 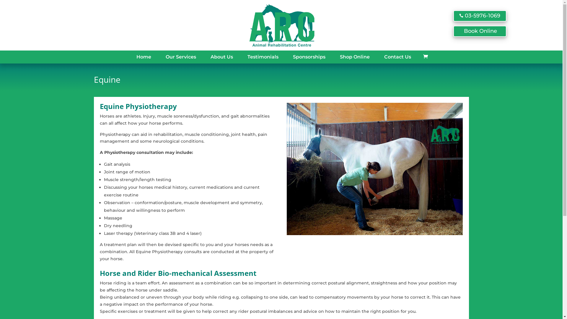 What do you see at coordinates (479, 16) in the screenshot?
I see `'03-5976-1069'` at bounding box center [479, 16].